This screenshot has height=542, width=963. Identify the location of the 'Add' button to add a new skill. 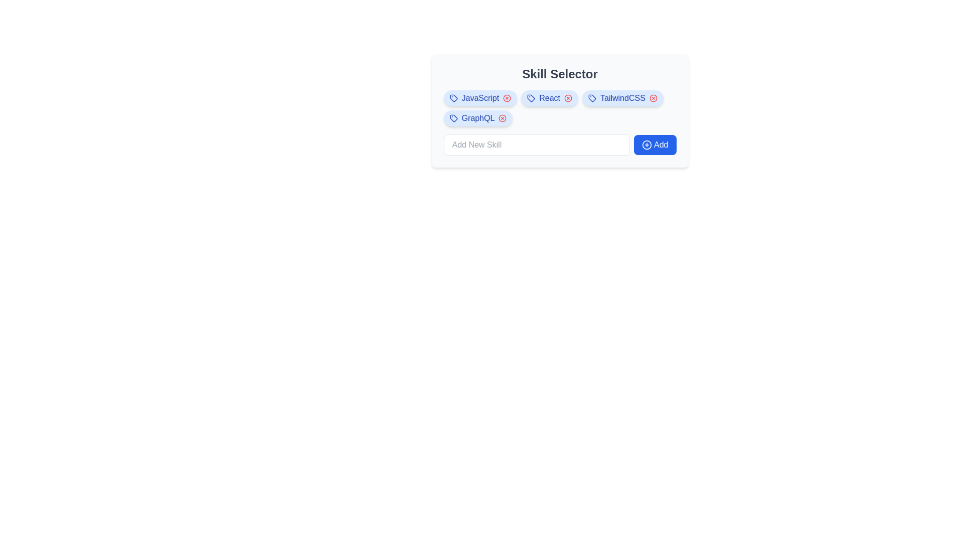
(655, 145).